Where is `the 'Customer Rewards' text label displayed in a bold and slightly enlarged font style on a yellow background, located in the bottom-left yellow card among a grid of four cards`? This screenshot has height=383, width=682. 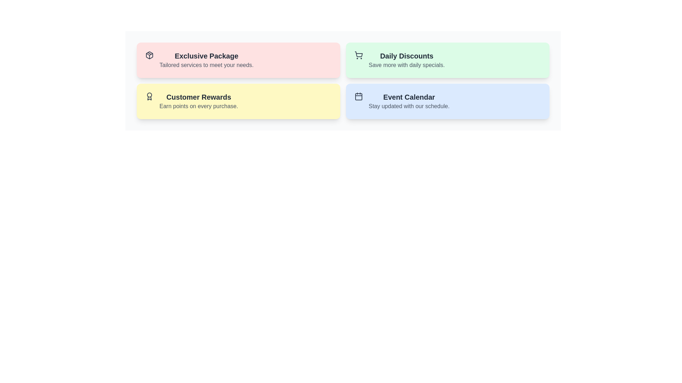 the 'Customer Rewards' text label displayed in a bold and slightly enlarged font style on a yellow background, located in the bottom-left yellow card among a grid of four cards is located at coordinates (199, 97).